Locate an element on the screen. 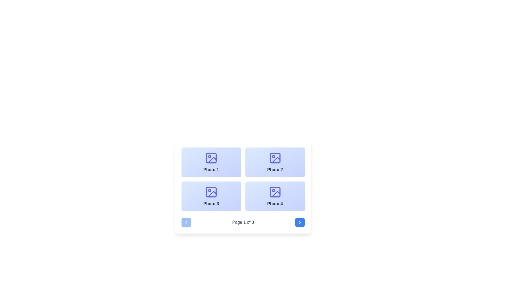 This screenshot has width=511, height=287. the background shape element of the image icon located in the fourth cell of a 2x2 grid layout, which serves as a frame for the picture placeholder is located at coordinates (275, 192).